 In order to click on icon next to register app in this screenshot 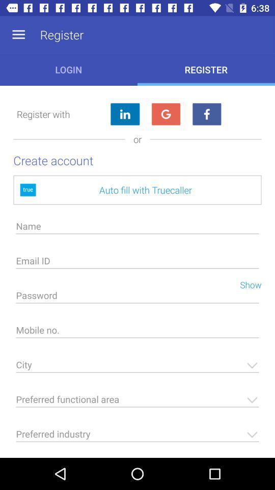, I will do `click(18, 35)`.